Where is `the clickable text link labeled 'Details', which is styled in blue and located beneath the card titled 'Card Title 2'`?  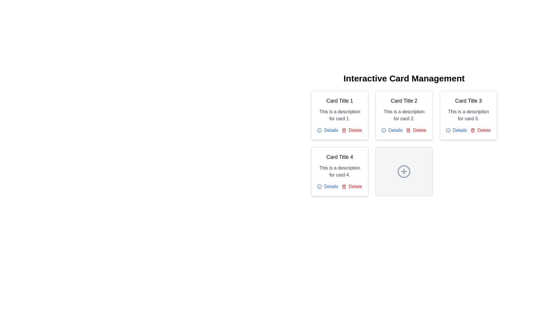 the clickable text link labeled 'Details', which is styled in blue and located beneath the card titled 'Card Title 2' is located at coordinates (392, 130).